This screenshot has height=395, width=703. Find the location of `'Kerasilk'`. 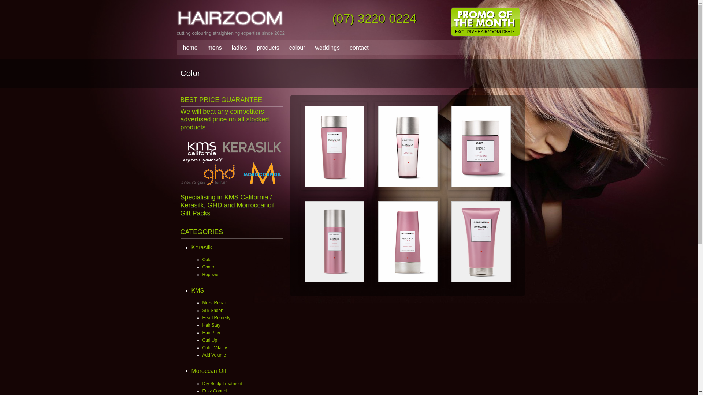

'Kerasilk' is located at coordinates (201, 247).